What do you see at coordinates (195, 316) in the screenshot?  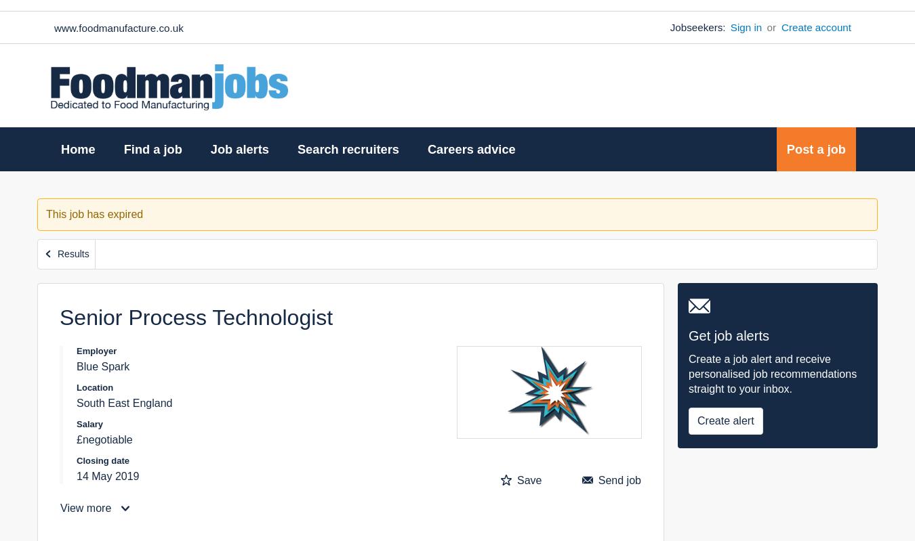 I see `'Senior Process Technologist'` at bounding box center [195, 316].